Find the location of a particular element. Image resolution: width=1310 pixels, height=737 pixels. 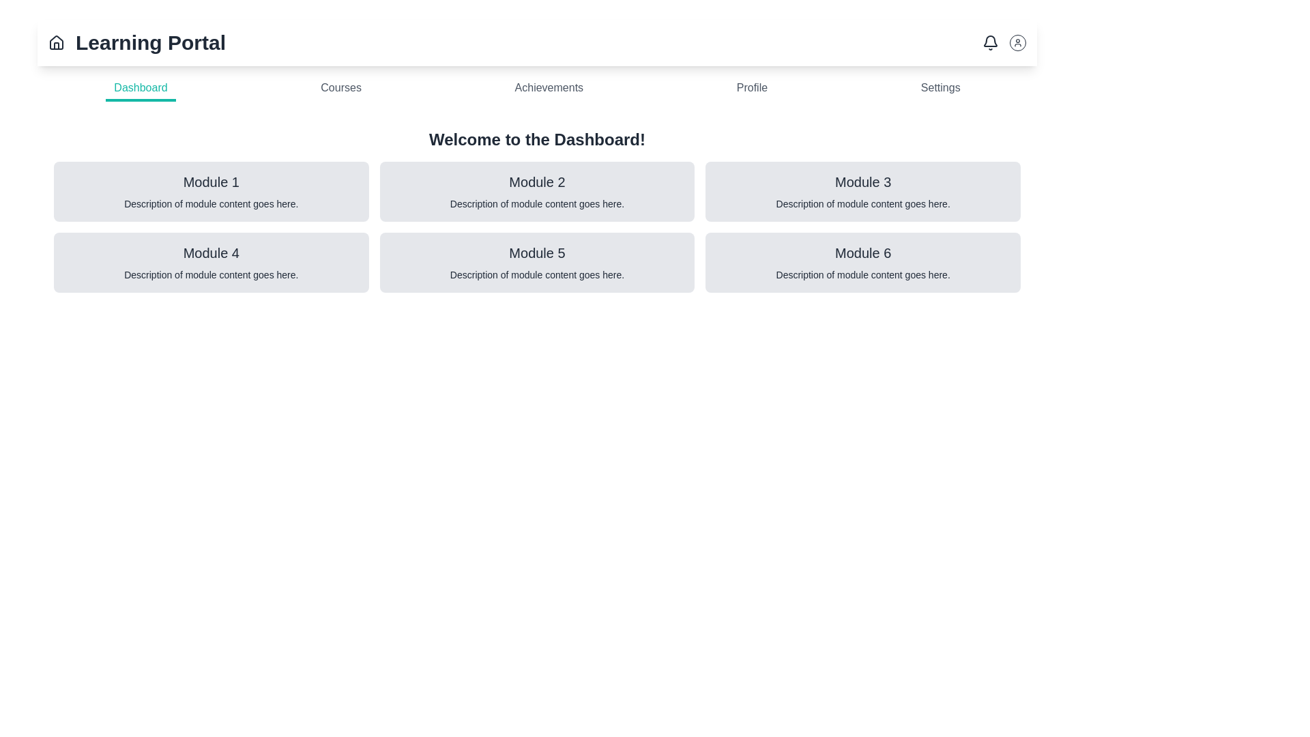

the 'home' or 'dashboard' icon located in the top-left corner of the interface beside the 'Learning Portal' title is located at coordinates (55, 41).